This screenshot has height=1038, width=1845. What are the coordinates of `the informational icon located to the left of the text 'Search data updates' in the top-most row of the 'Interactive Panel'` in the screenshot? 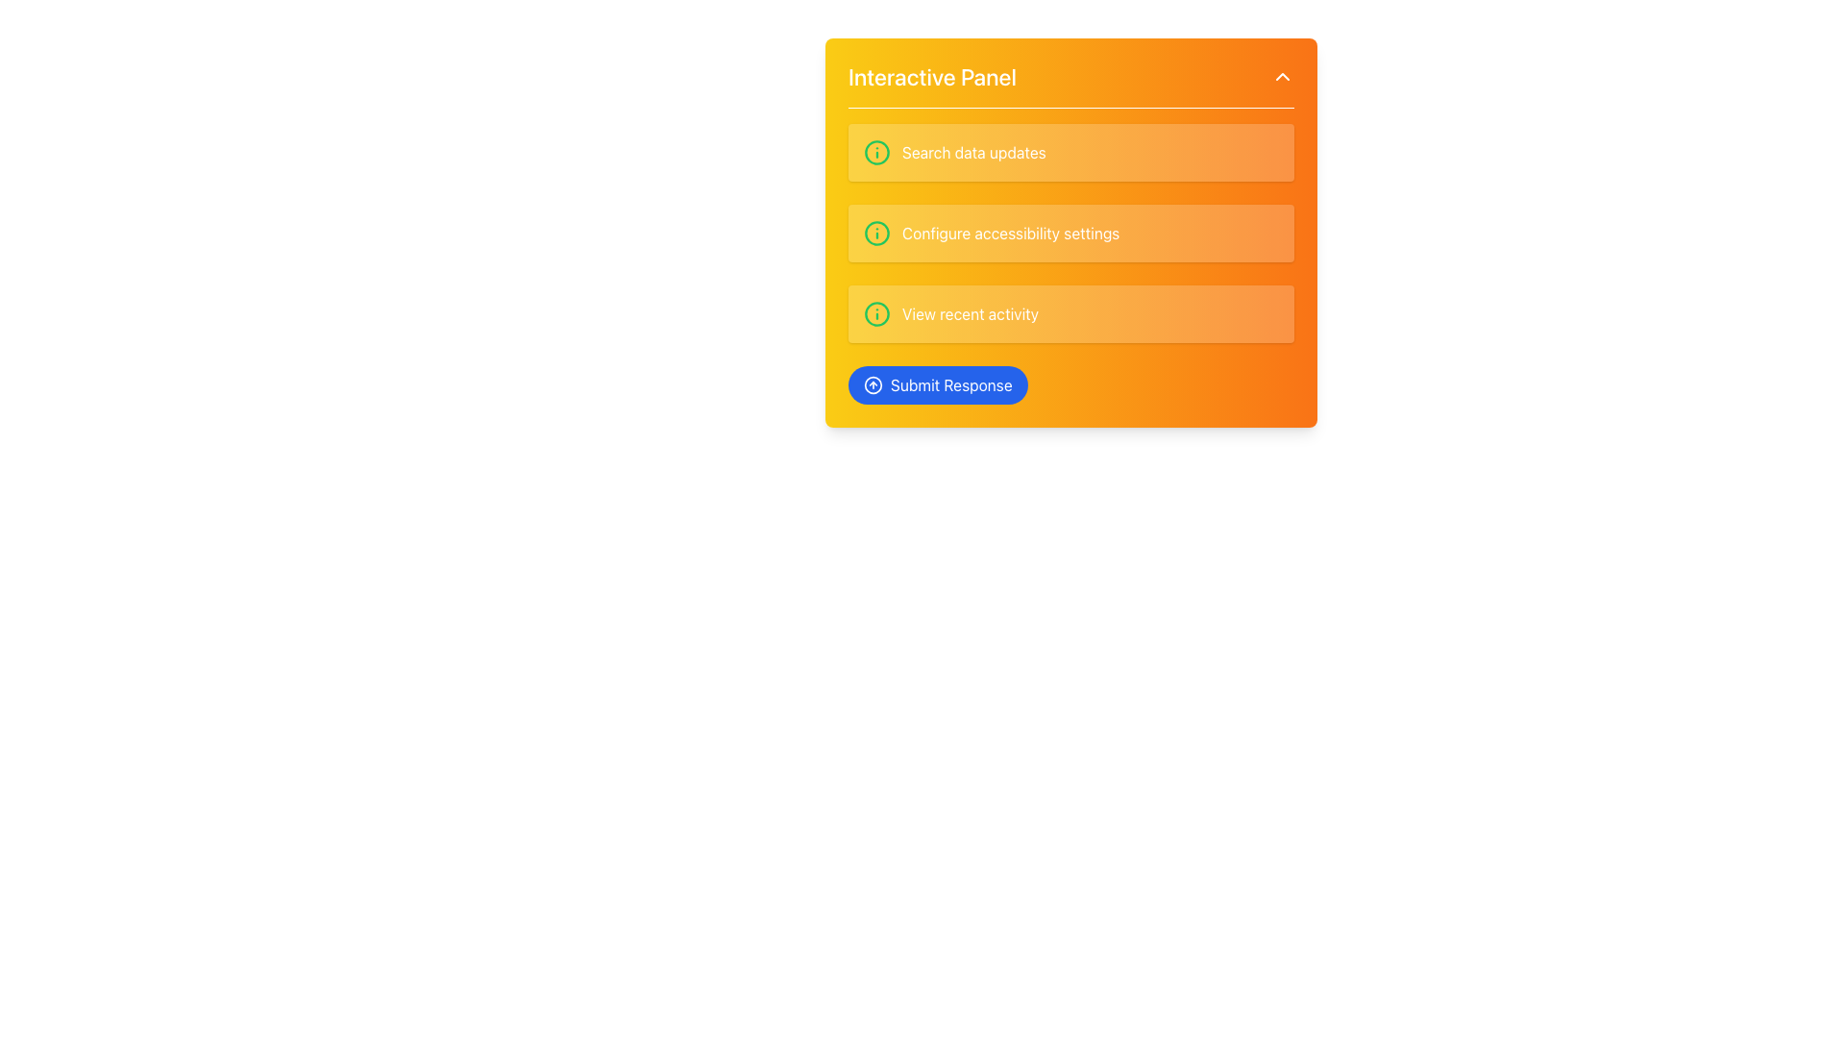 It's located at (875, 151).